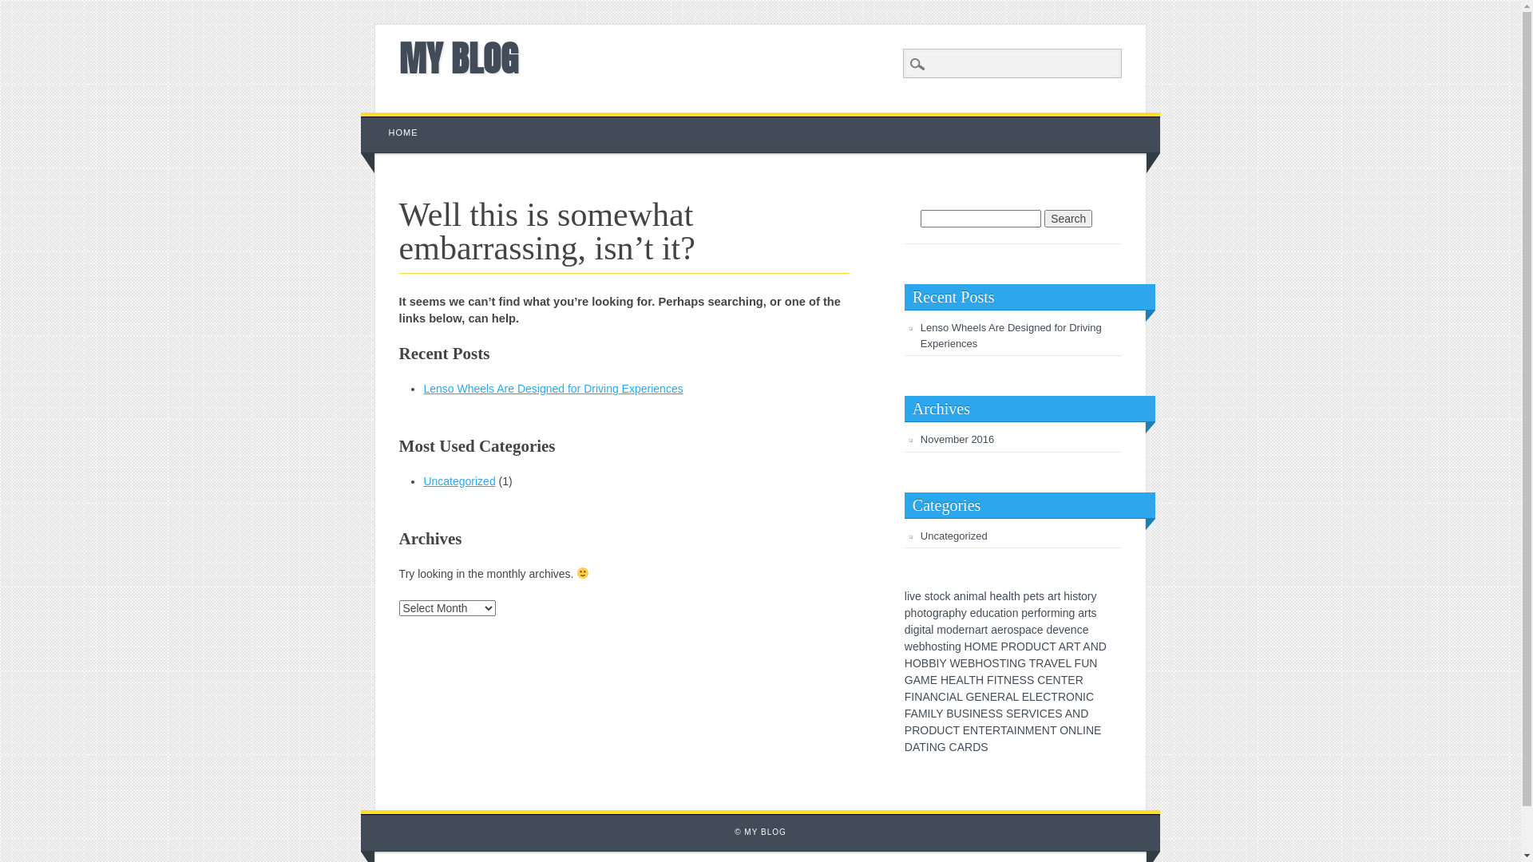  Describe the element at coordinates (1046, 695) in the screenshot. I see `'C'` at that location.